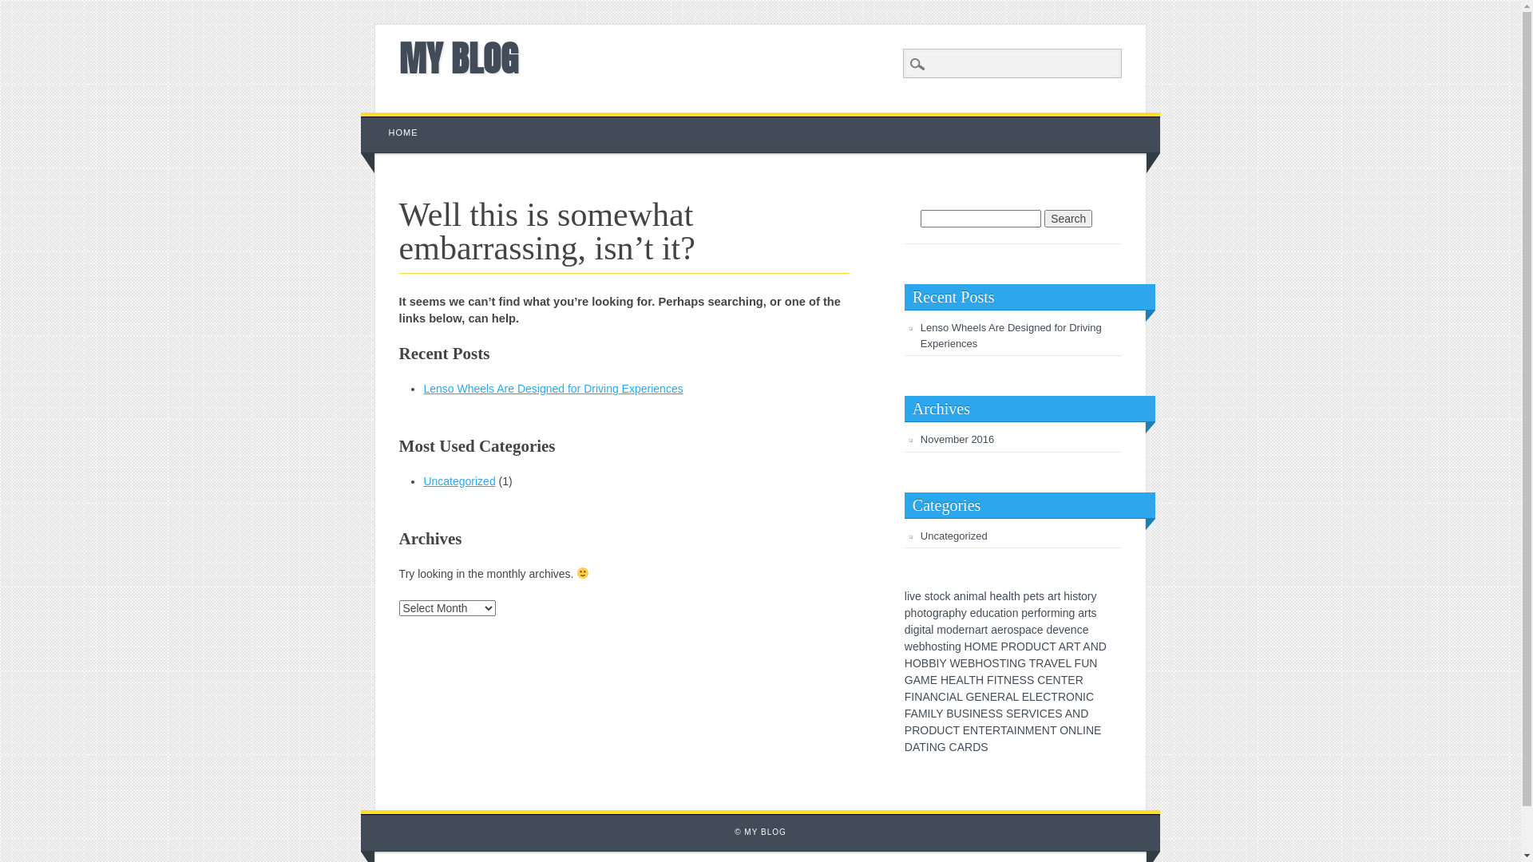  Describe the element at coordinates (1046, 695) in the screenshot. I see `'C'` at that location.